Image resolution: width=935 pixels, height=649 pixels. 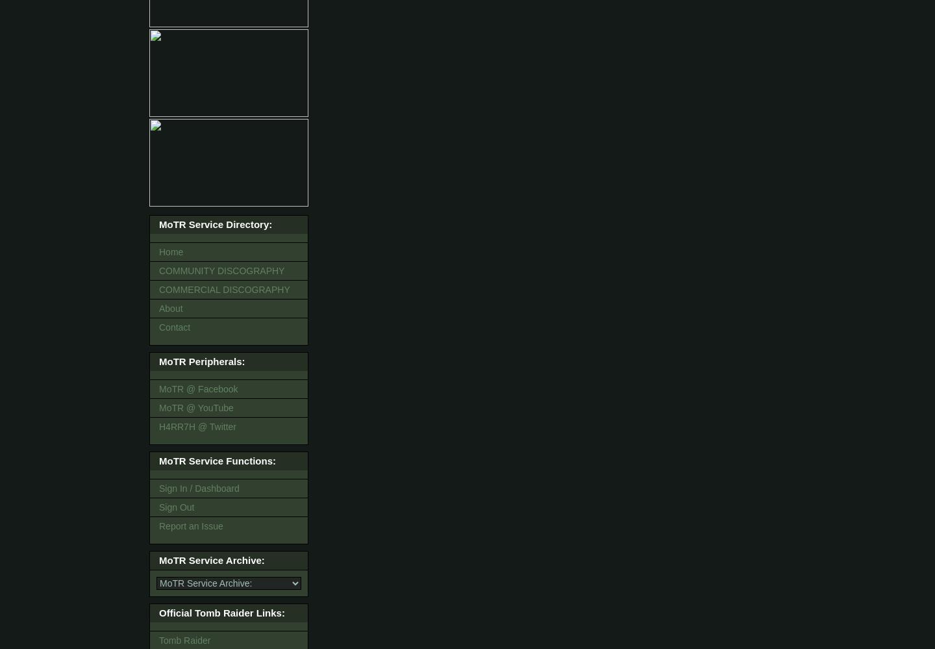 What do you see at coordinates (212, 559) in the screenshot?
I see `'MoTR Service Archive:'` at bounding box center [212, 559].